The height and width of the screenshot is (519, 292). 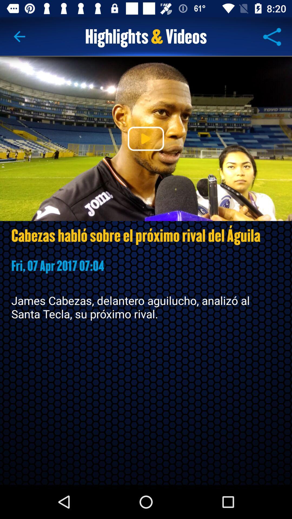 What do you see at coordinates (145, 139) in the screenshot?
I see `playback` at bounding box center [145, 139].